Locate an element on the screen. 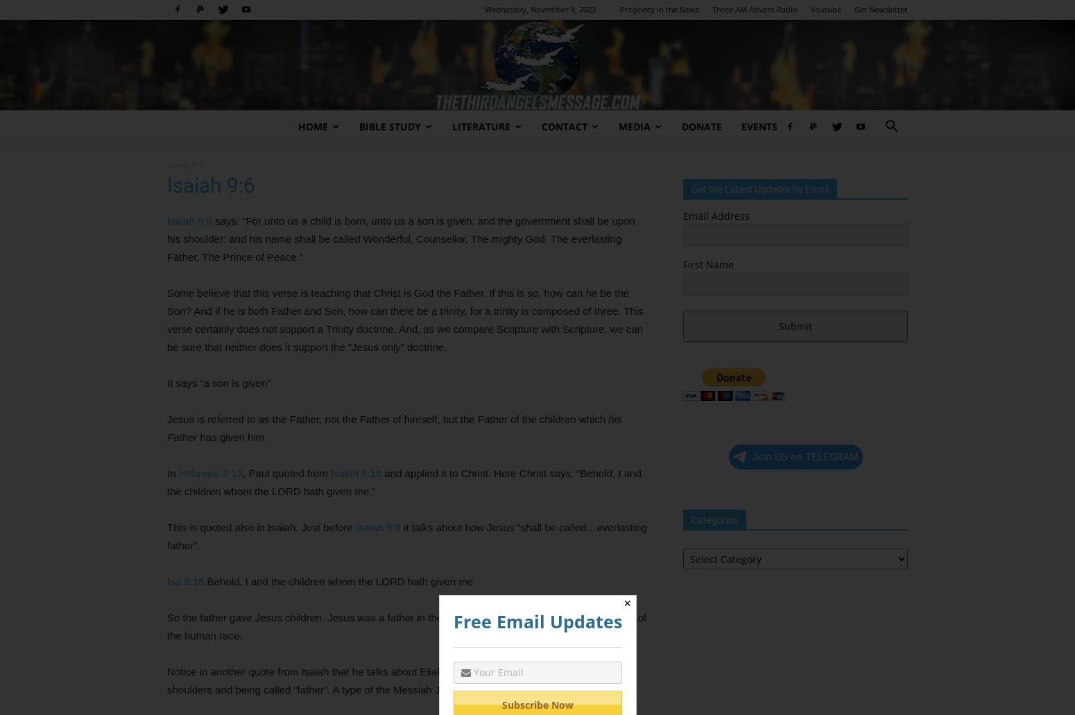 The width and height of the screenshot is (1075, 715). 'This is quoted also in Isaiah. Just before' is located at coordinates (260, 526).